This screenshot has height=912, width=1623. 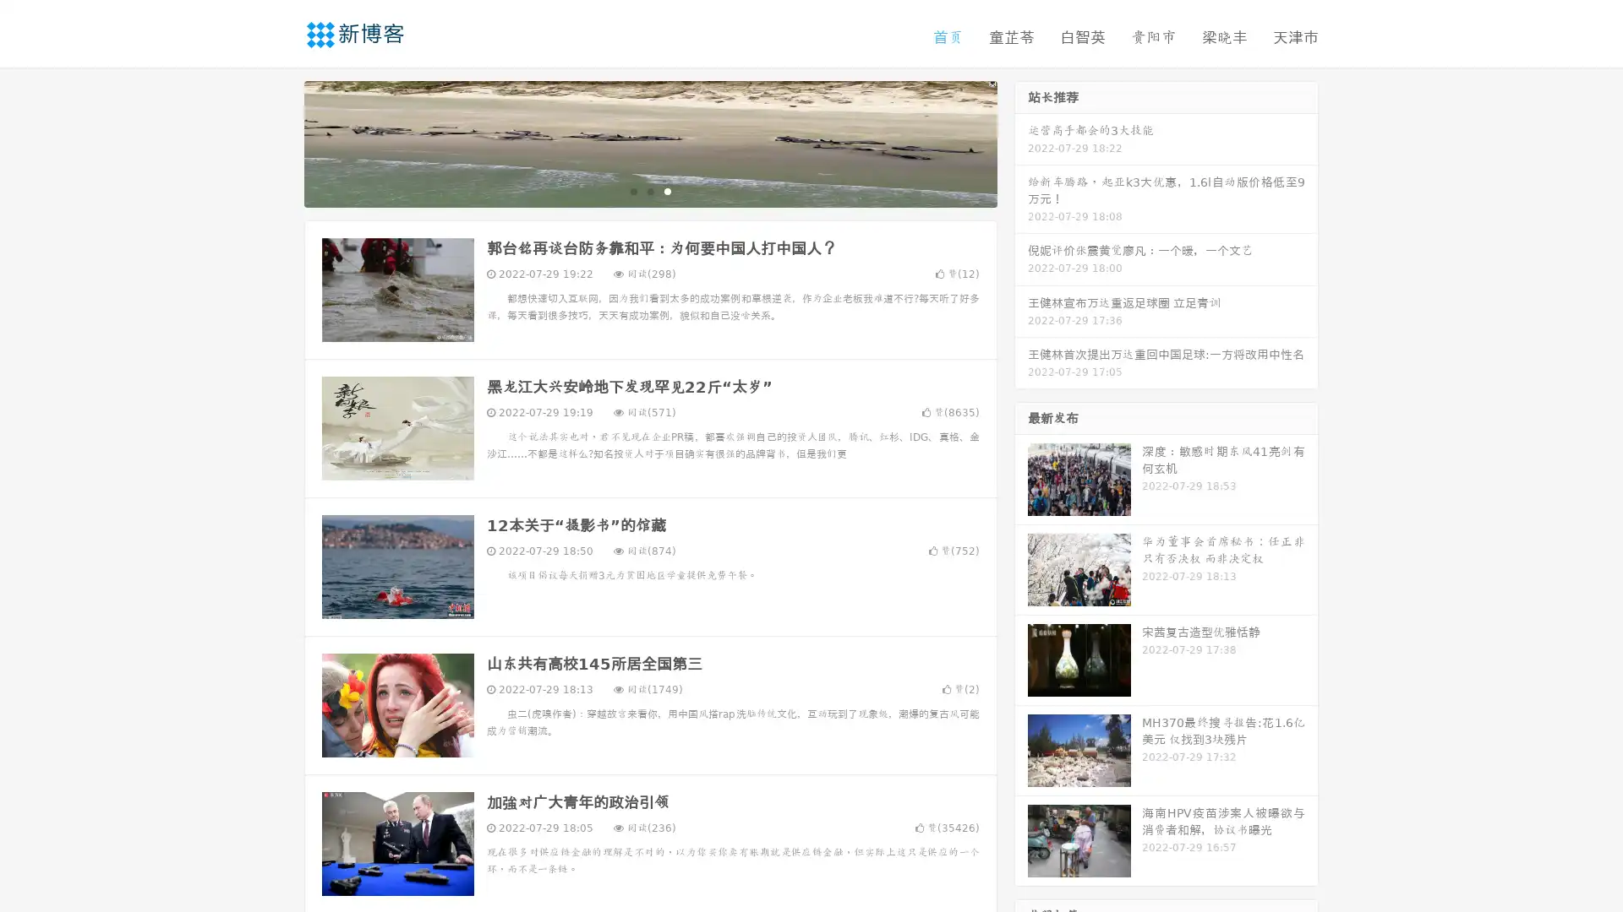 I want to click on Previous slide, so click(x=279, y=142).